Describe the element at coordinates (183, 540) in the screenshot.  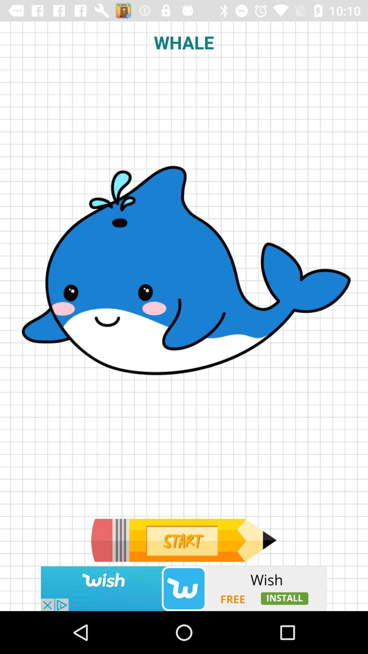
I see `advertisement page` at that location.